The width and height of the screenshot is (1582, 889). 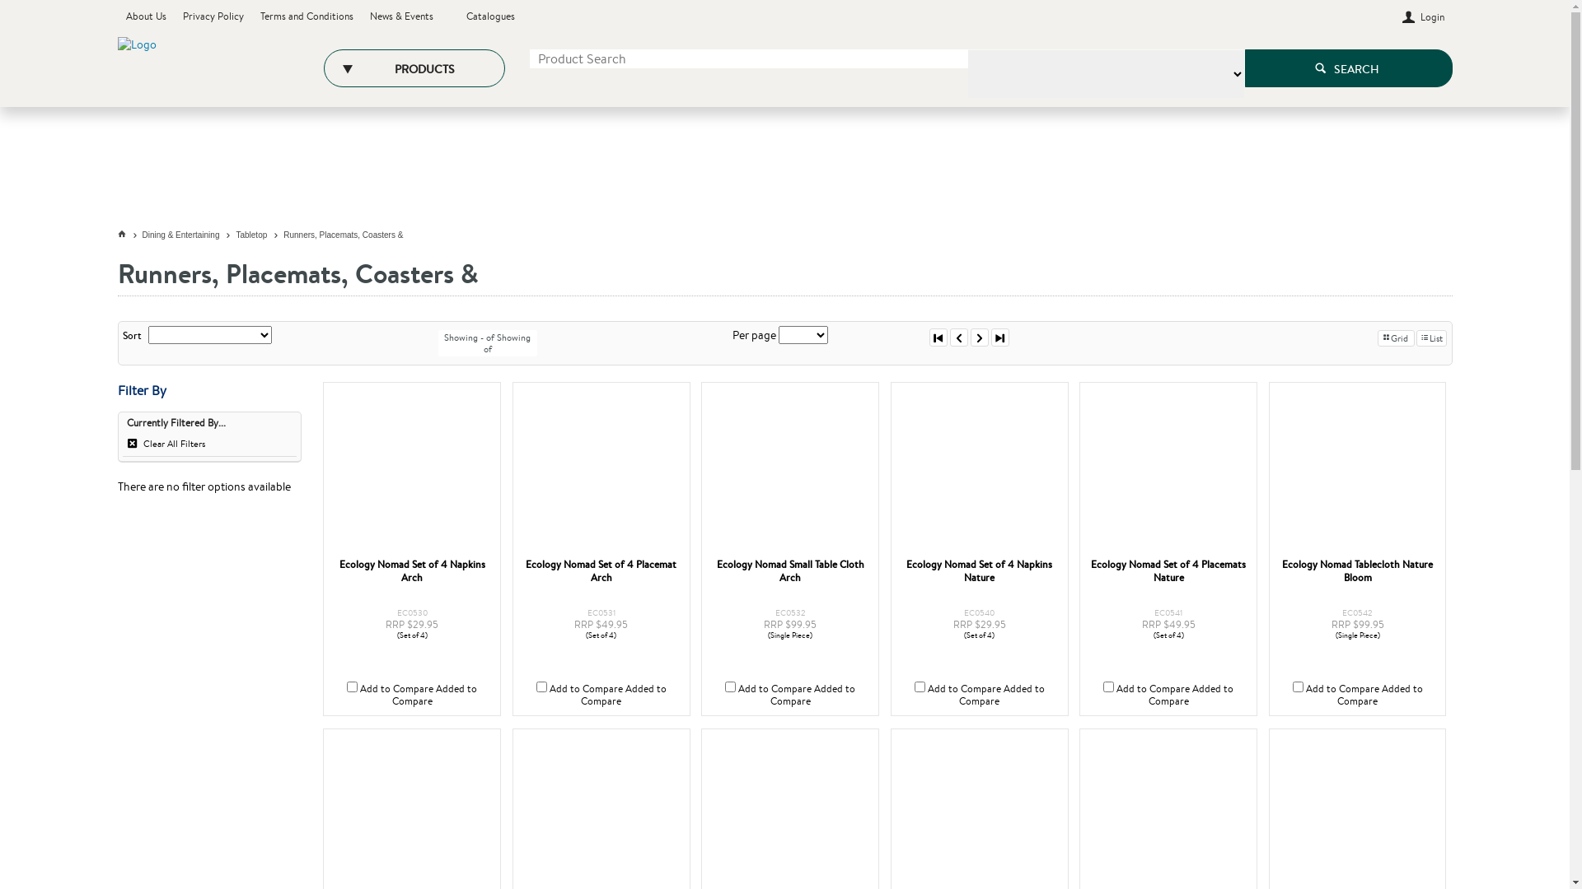 I want to click on 'Clear All Filters', so click(x=208, y=444).